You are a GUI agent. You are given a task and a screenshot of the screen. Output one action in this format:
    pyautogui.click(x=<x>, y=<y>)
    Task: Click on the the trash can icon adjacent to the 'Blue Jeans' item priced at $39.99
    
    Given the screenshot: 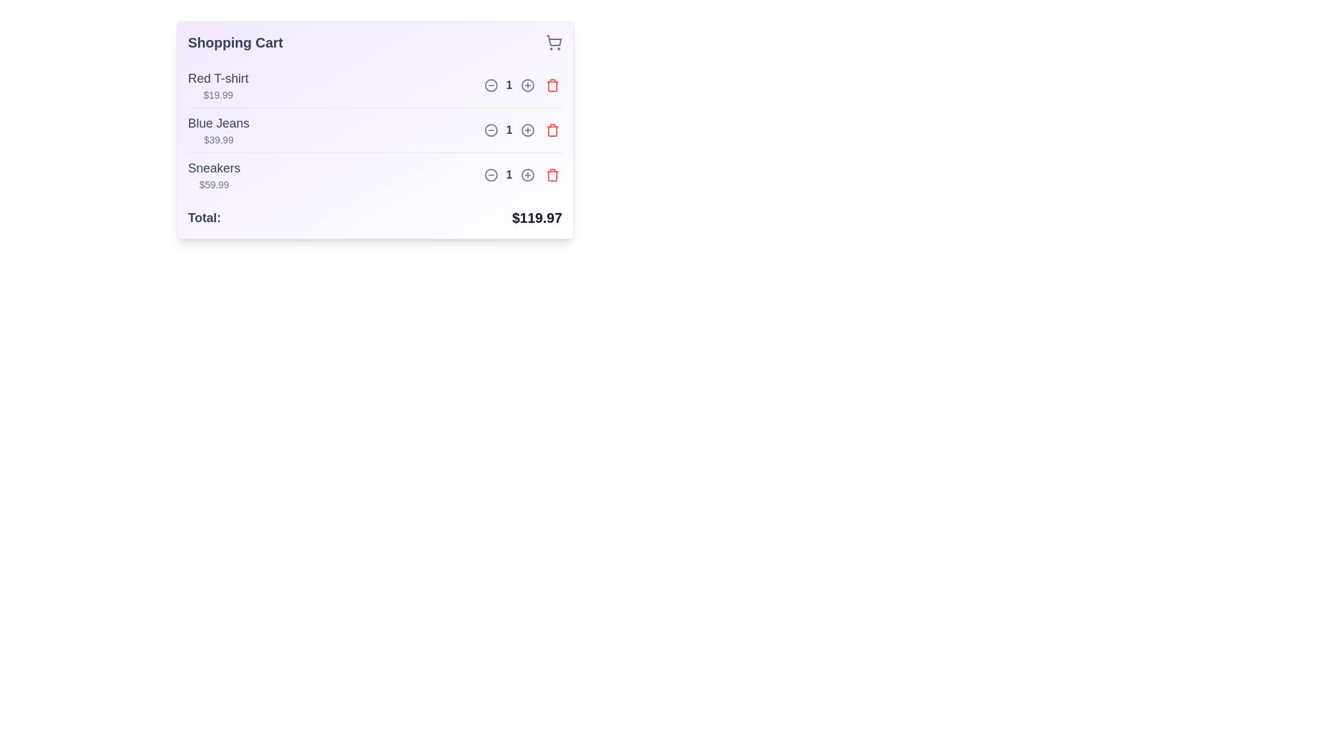 What is the action you would take?
    pyautogui.click(x=552, y=131)
    